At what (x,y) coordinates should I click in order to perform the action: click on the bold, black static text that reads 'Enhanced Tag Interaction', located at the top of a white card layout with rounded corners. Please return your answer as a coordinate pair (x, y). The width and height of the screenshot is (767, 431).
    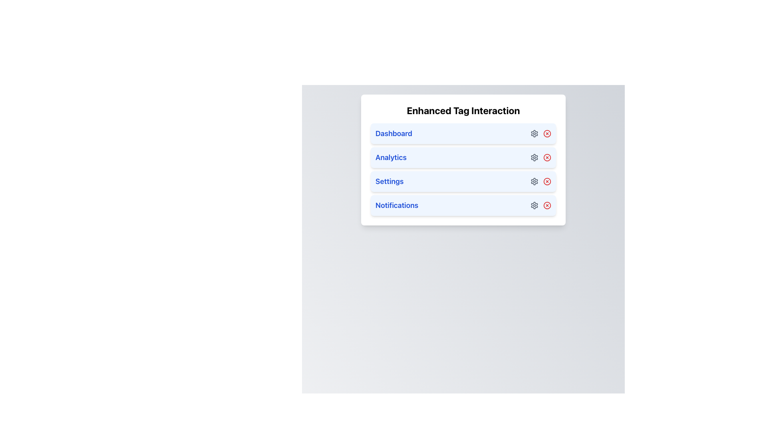
    Looking at the image, I should click on (463, 111).